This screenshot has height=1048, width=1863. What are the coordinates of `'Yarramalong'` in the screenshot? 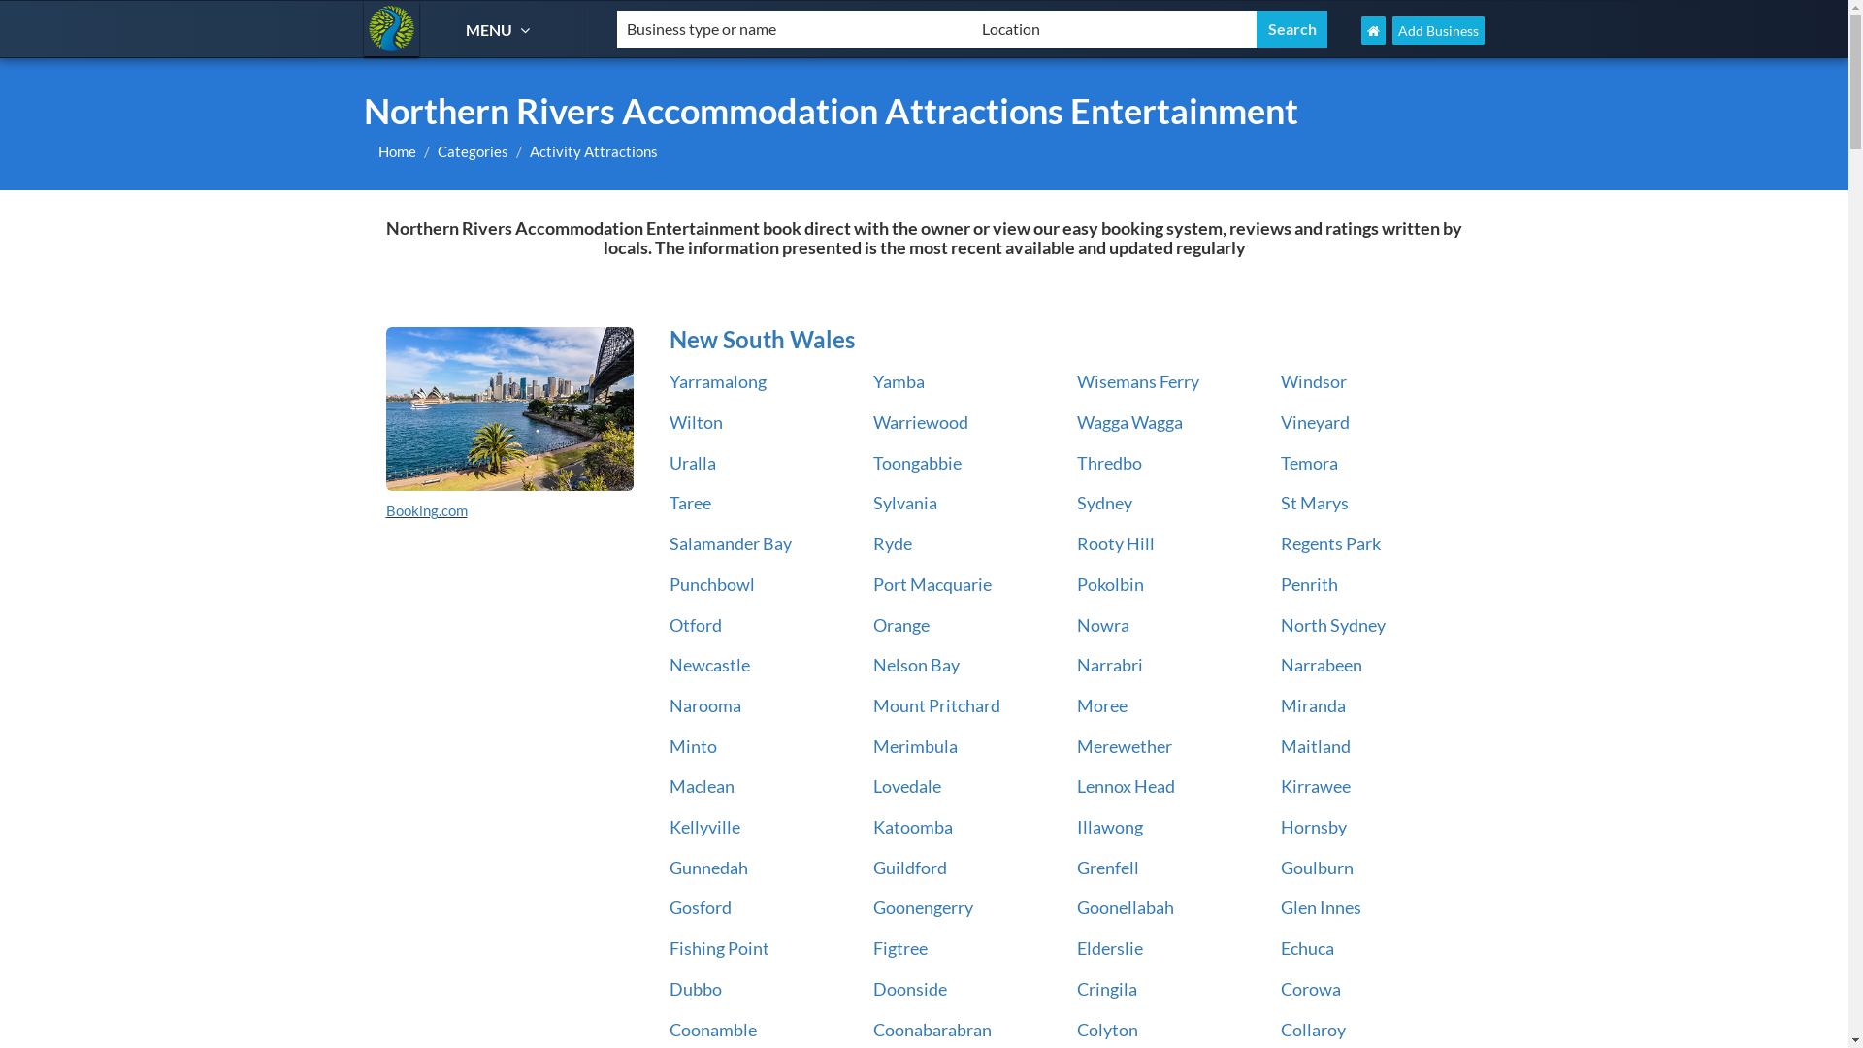 It's located at (716, 381).